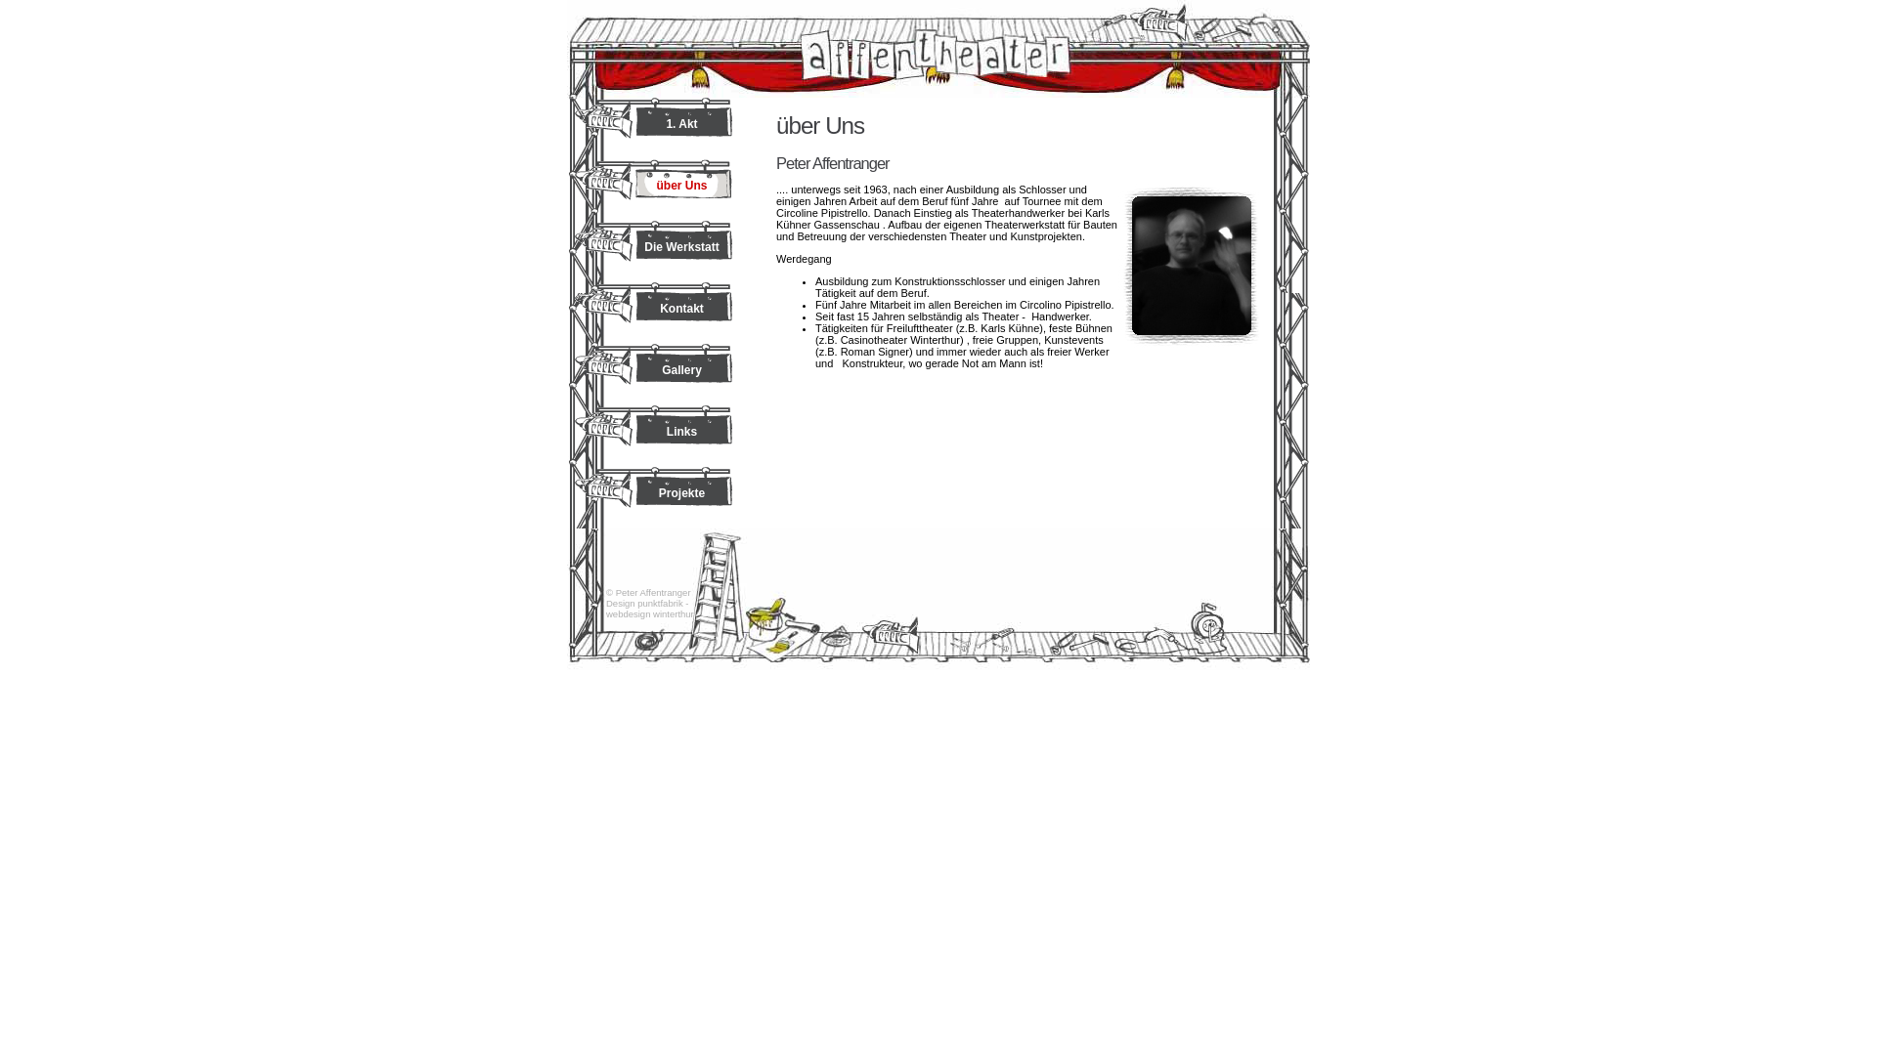  I want to click on 'punktfabrik - webdesign winterthur', so click(604, 608).